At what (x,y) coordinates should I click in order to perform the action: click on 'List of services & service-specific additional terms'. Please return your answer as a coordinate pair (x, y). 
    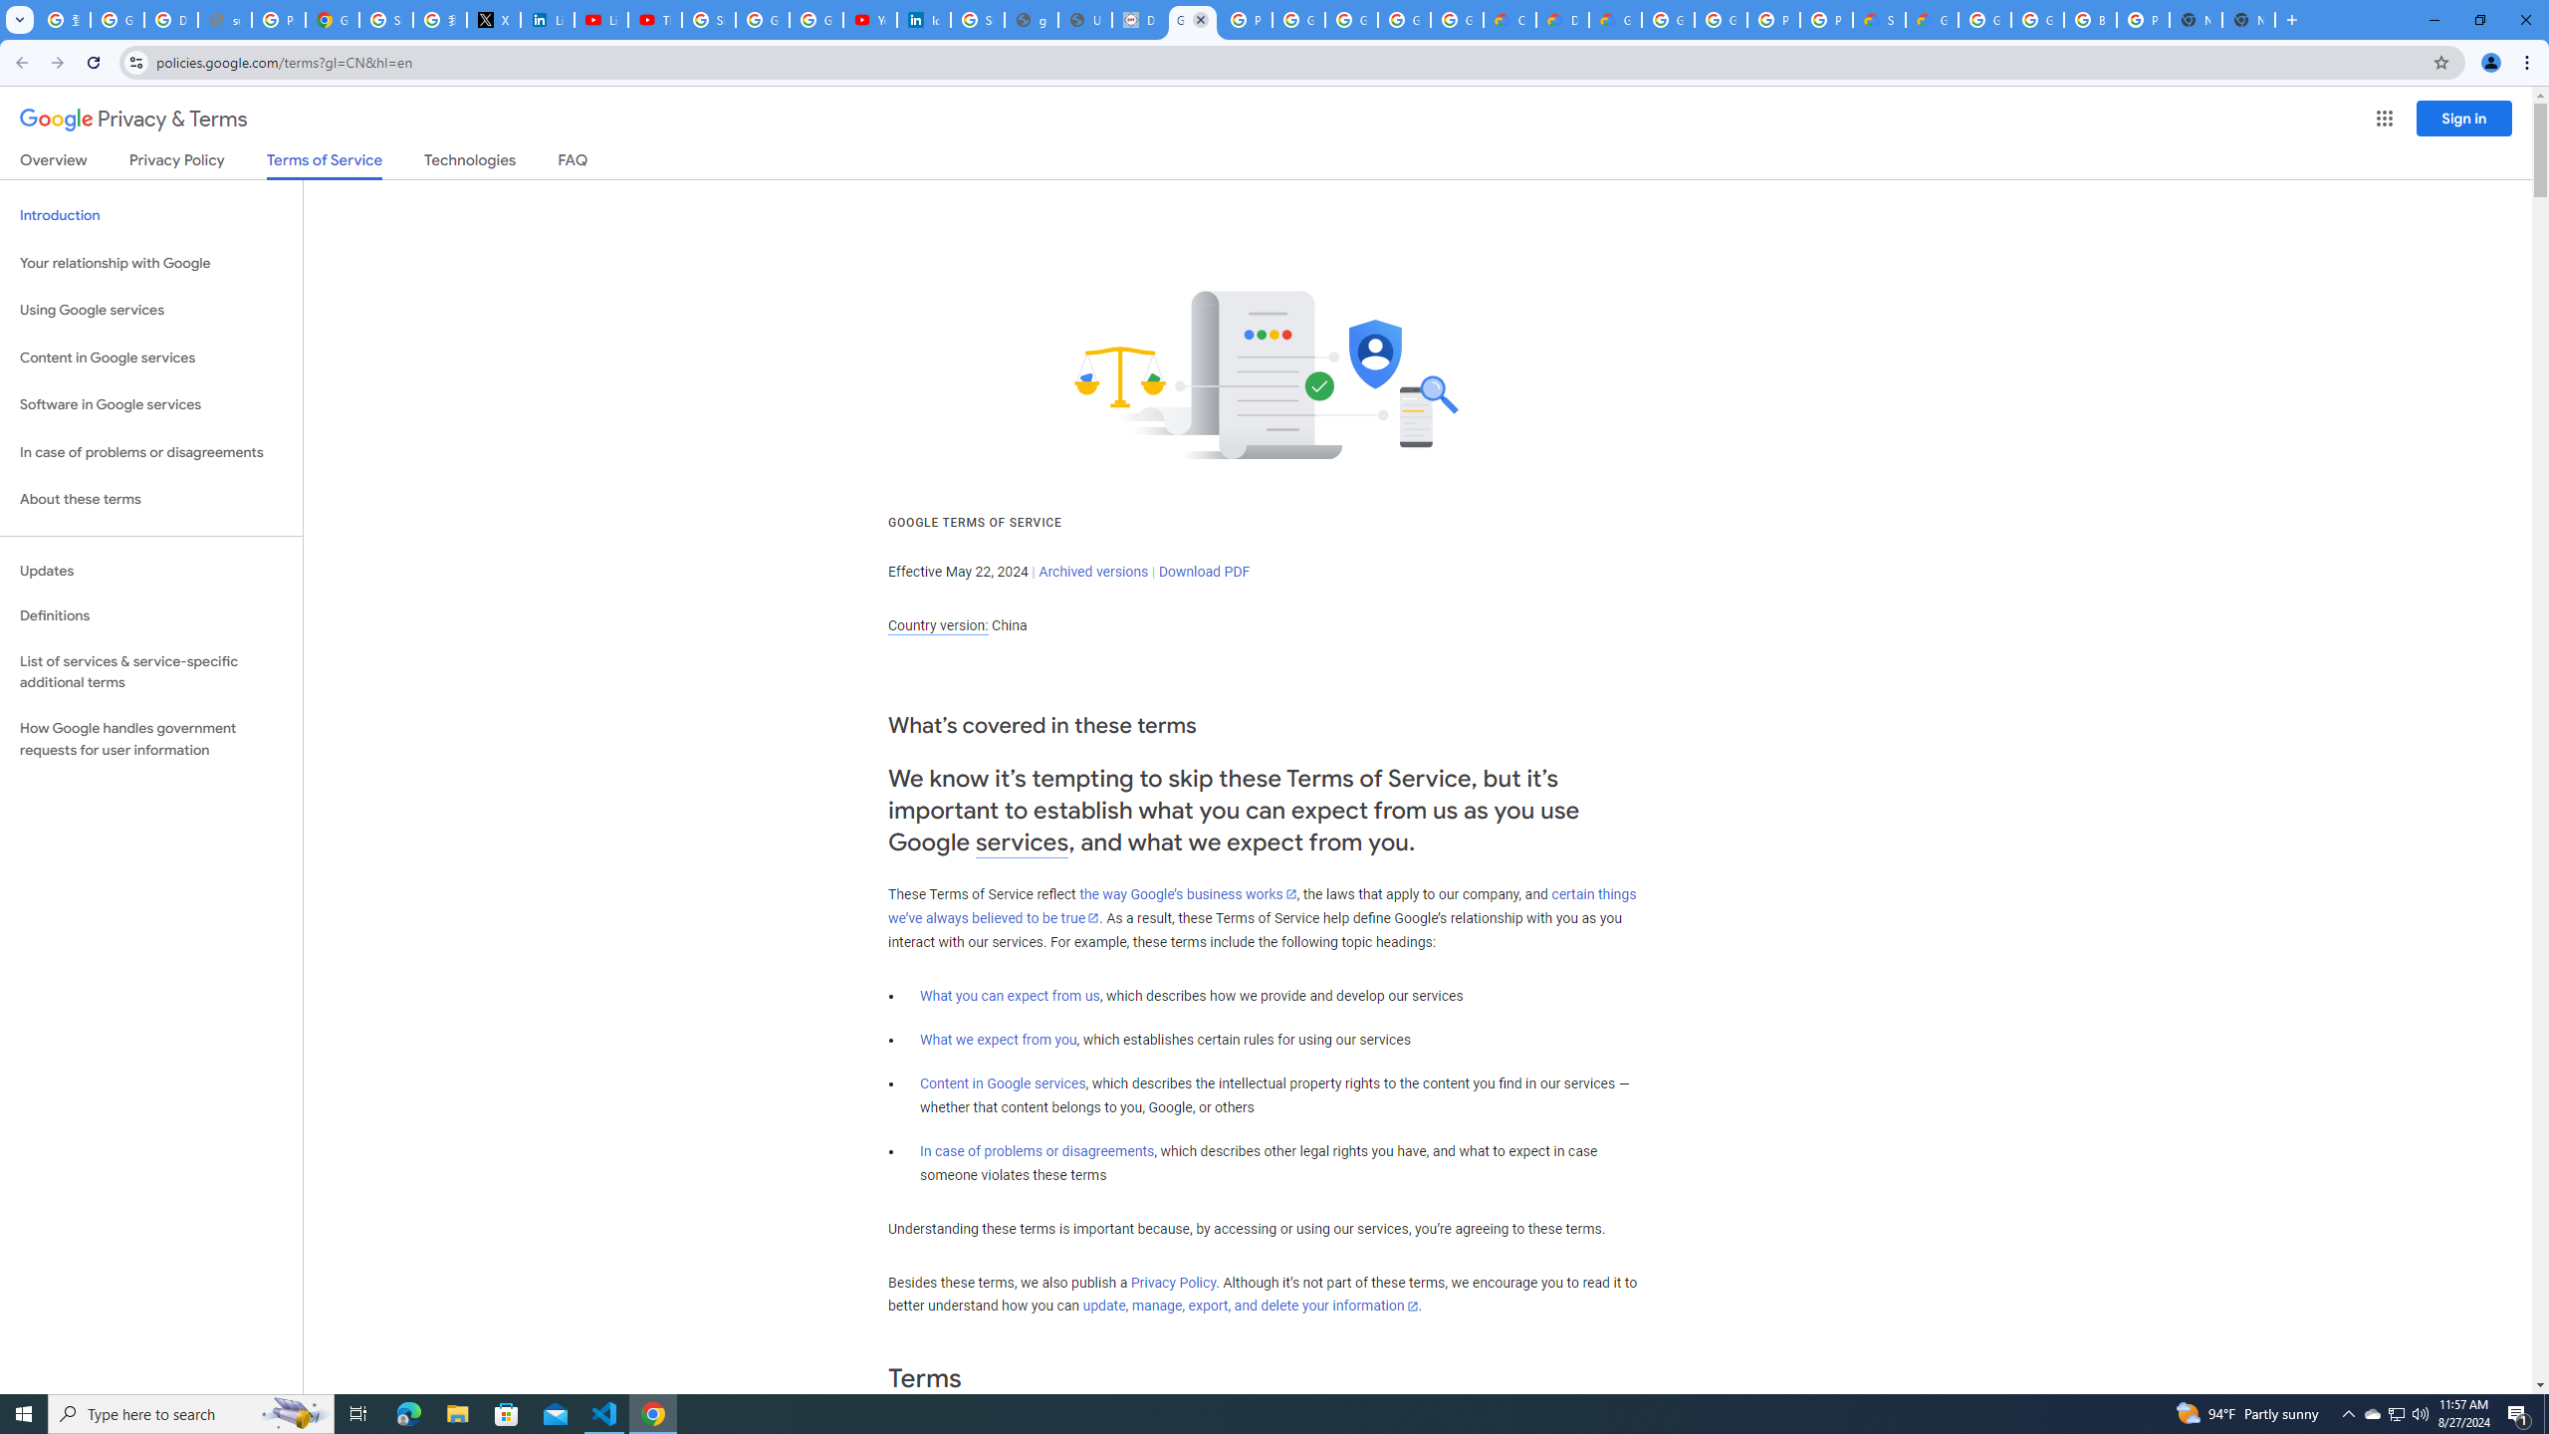
    Looking at the image, I should click on (150, 671).